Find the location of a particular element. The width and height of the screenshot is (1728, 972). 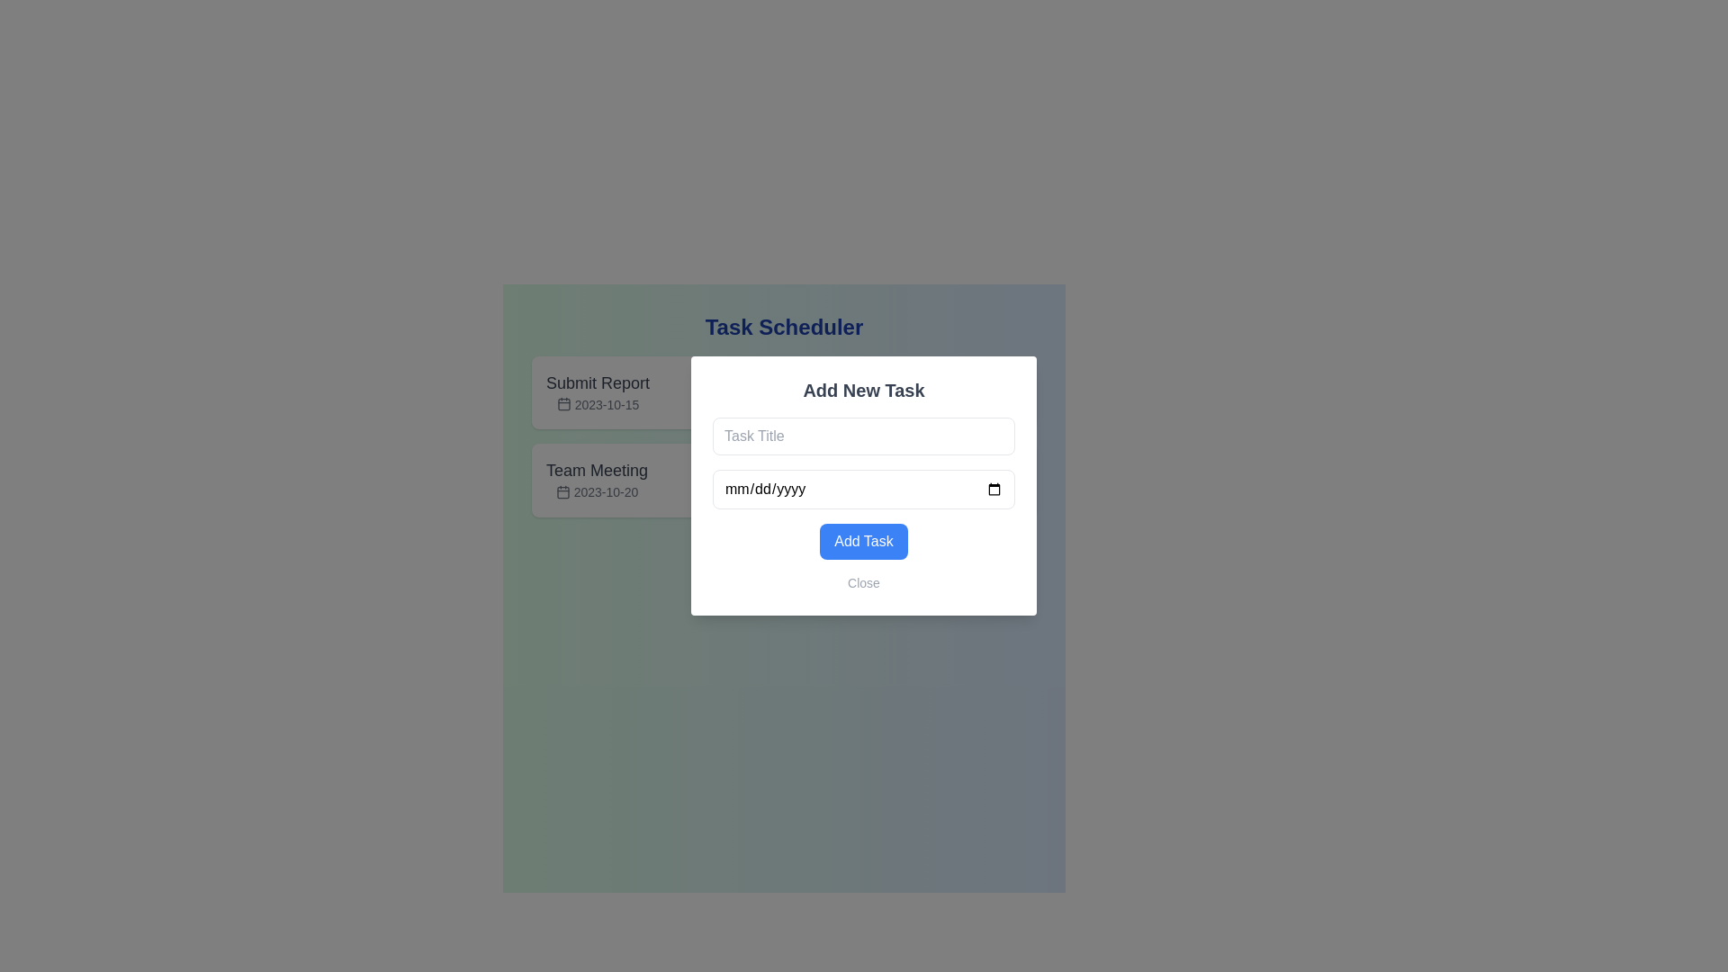

the SVG icon representing the date associated with the task 'Team Meeting', which is located to the left of the date '2023-10-20' is located at coordinates (562, 491).